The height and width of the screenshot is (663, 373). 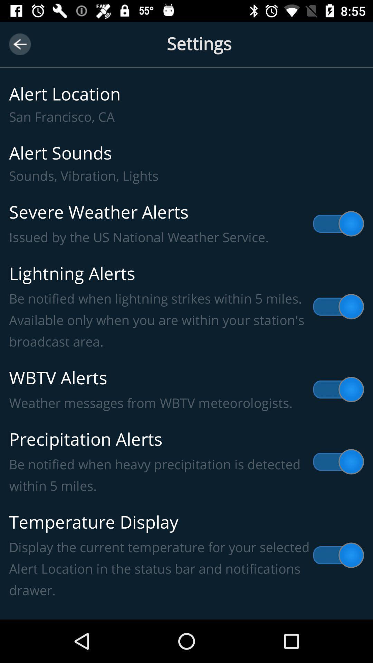 I want to click on the arrow_backward icon, so click(x=19, y=44).